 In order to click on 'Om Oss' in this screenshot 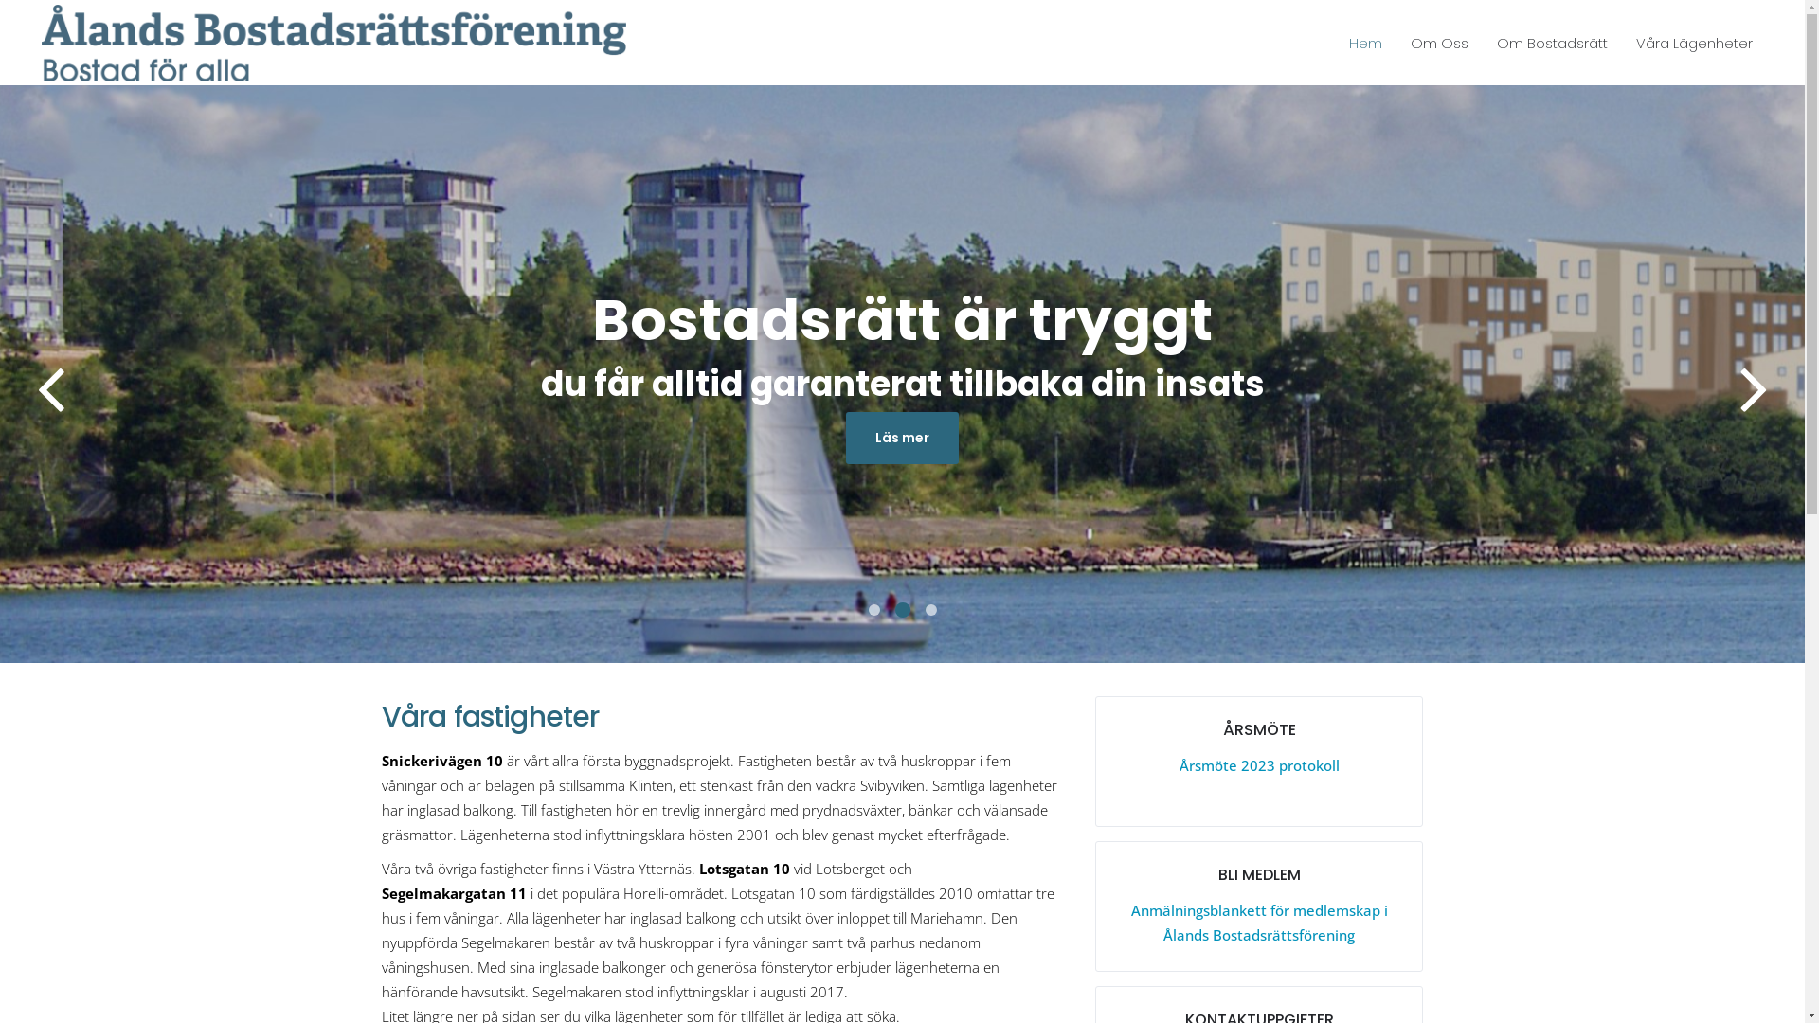, I will do `click(1439, 43)`.